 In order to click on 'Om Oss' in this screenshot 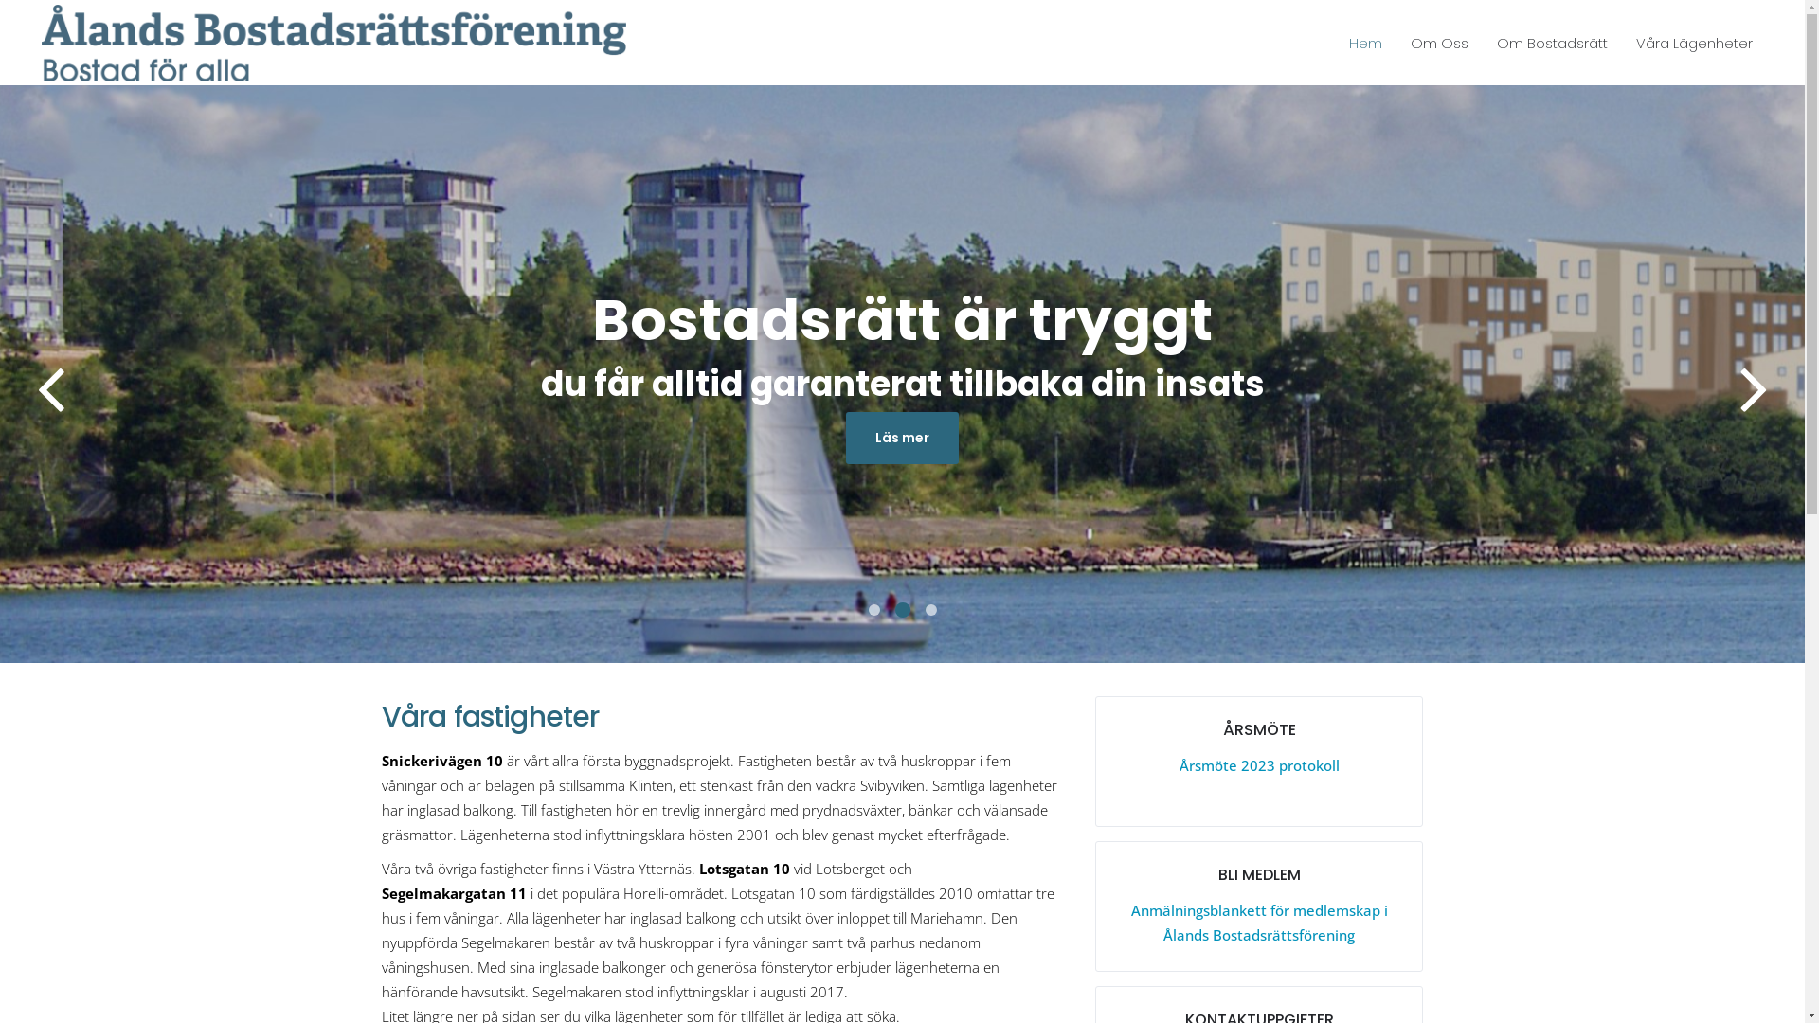, I will do `click(1439, 43)`.